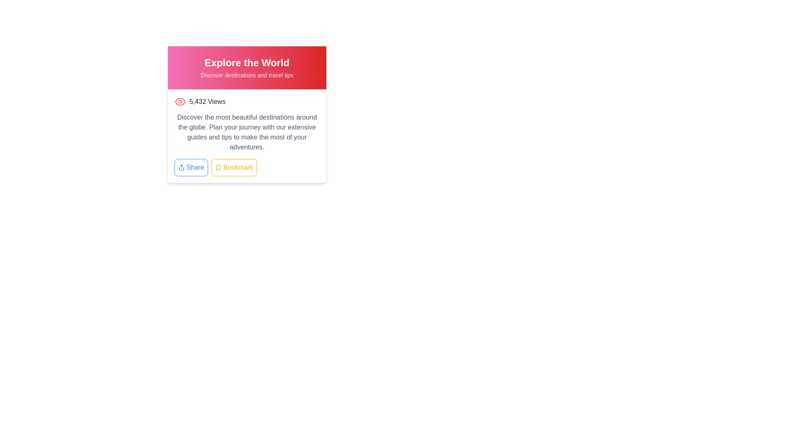 The image size is (796, 447). Describe the element at coordinates (181, 168) in the screenshot. I see `the small, blue, upward-facing arrow icon located to the left of the 'Share' text on the button` at that location.